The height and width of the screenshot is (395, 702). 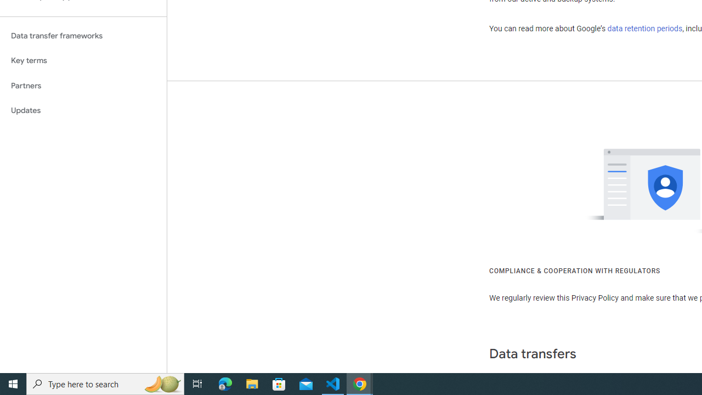 I want to click on 'Partners', so click(x=83, y=85).